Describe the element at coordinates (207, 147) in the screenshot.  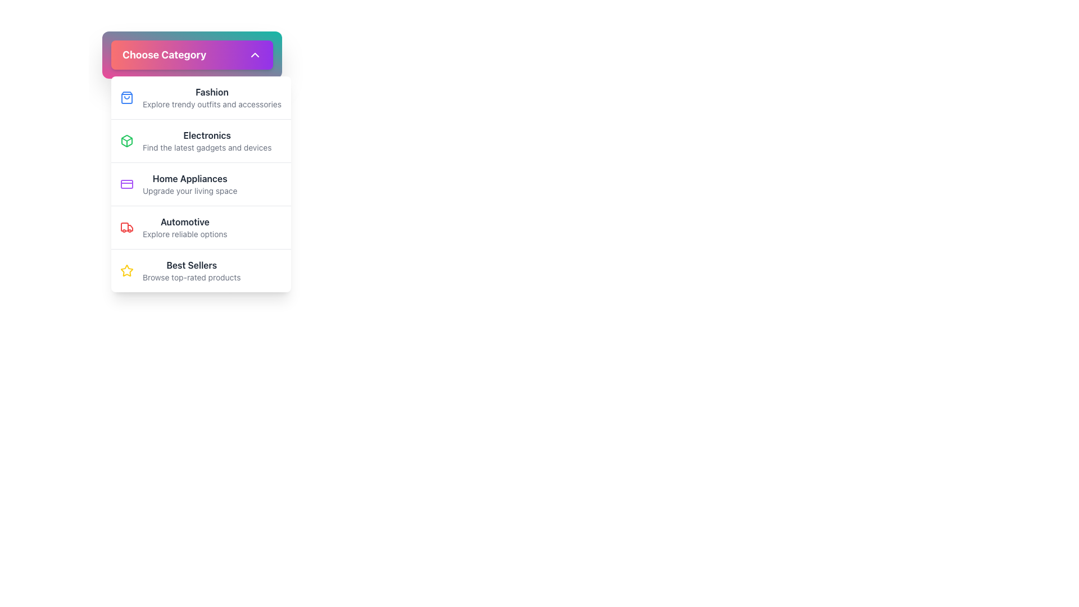
I see `text label that describes the category 'Electronics', which reads 'Find the latest gadgets and devices'` at that location.